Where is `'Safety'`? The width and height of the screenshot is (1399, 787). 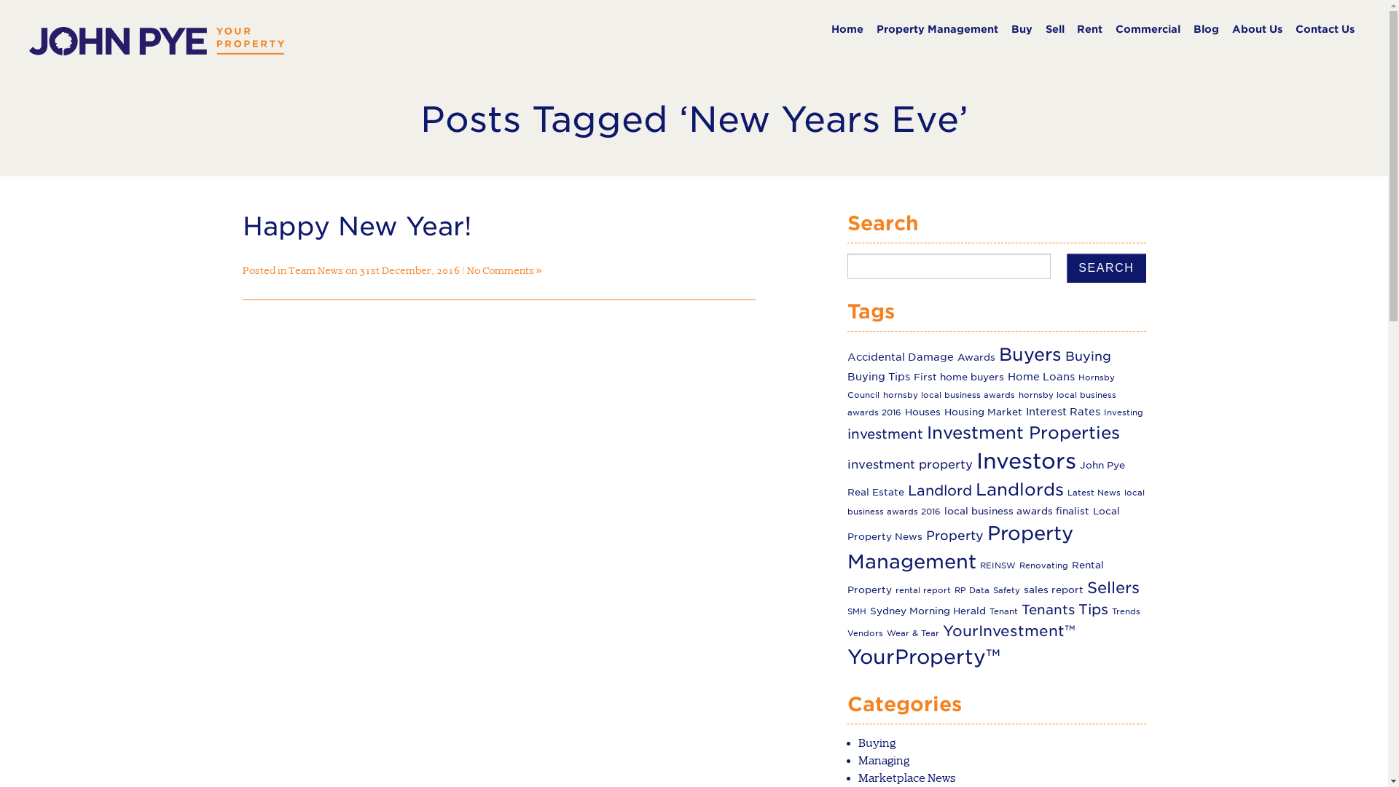
'Safety' is located at coordinates (1006, 590).